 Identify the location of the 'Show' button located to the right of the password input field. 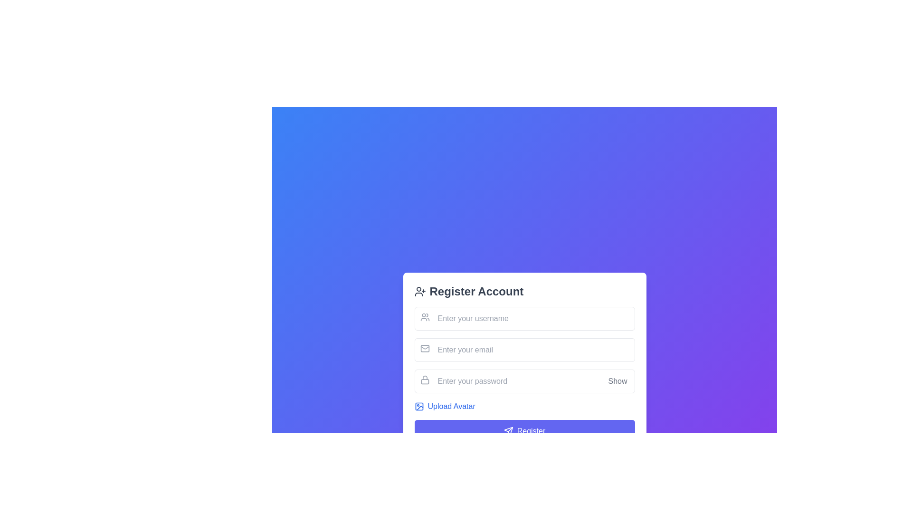
(617, 380).